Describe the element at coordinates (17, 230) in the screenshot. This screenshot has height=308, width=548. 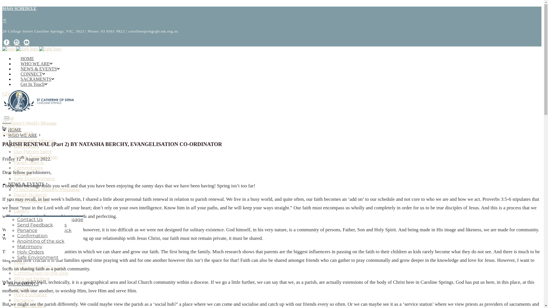
I see `'Penance'` at that location.